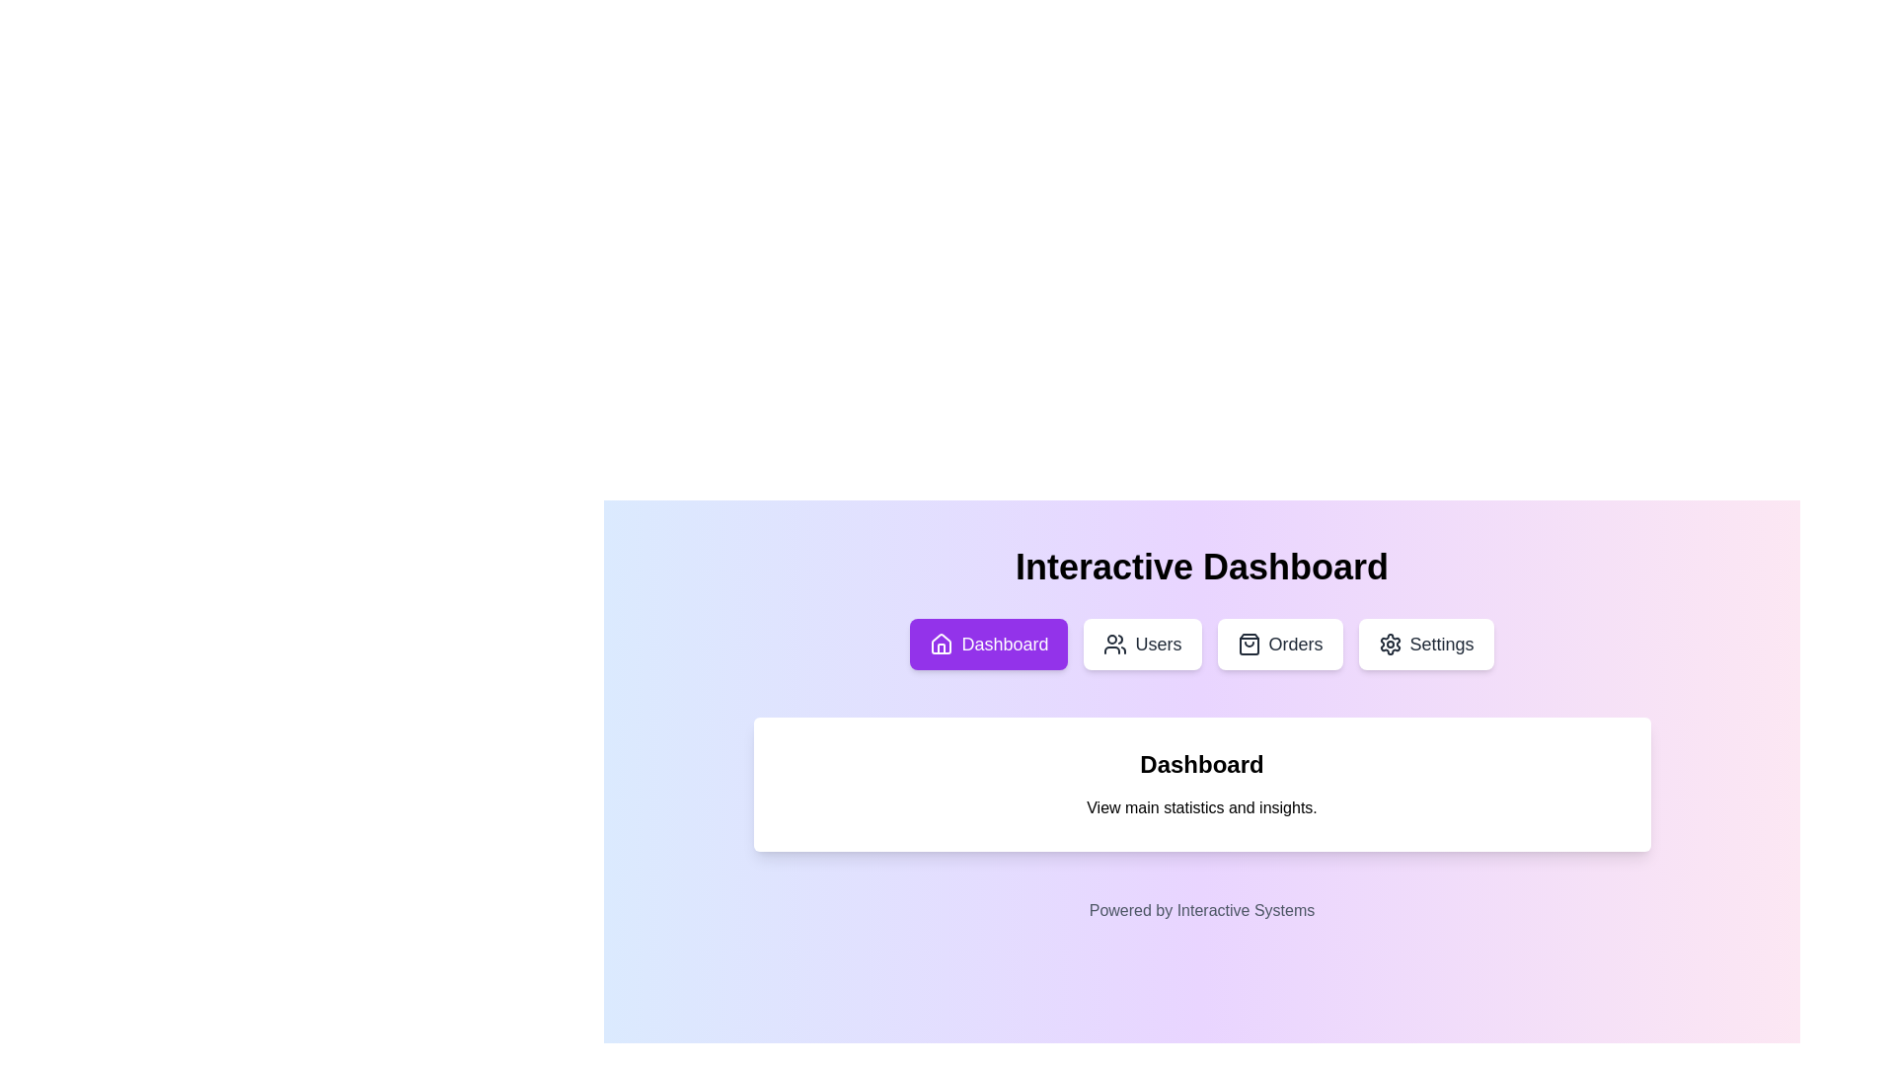  What do you see at coordinates (1389, 644) in the screenshot?
I see `the gear icon that signifies settings functionalities, located adjacent to the 'Settings' text label` at bounding box center [1389, 644].